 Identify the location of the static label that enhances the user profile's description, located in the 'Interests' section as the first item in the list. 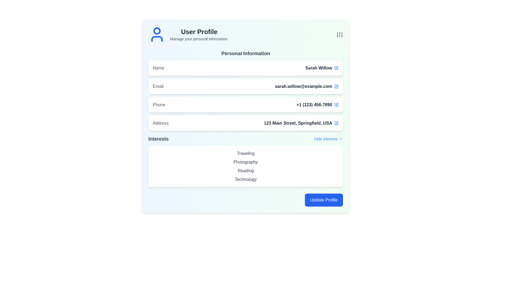
(245, 153).